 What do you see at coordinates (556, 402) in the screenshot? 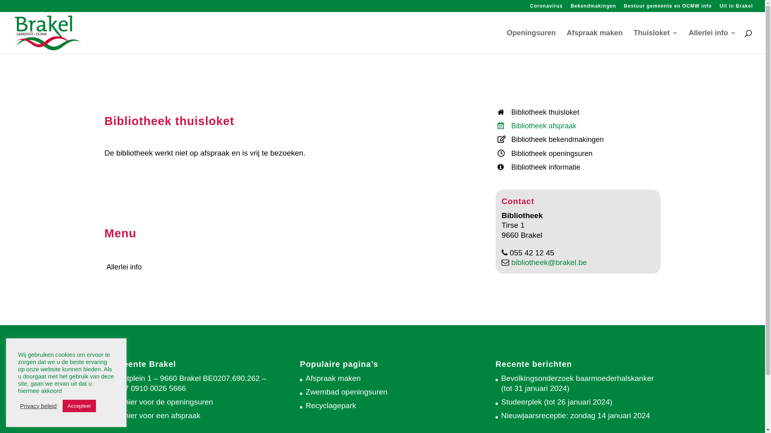
I see `'Studeerplek (tot 26 januari 2024)'` at bounding box center [556, 402].